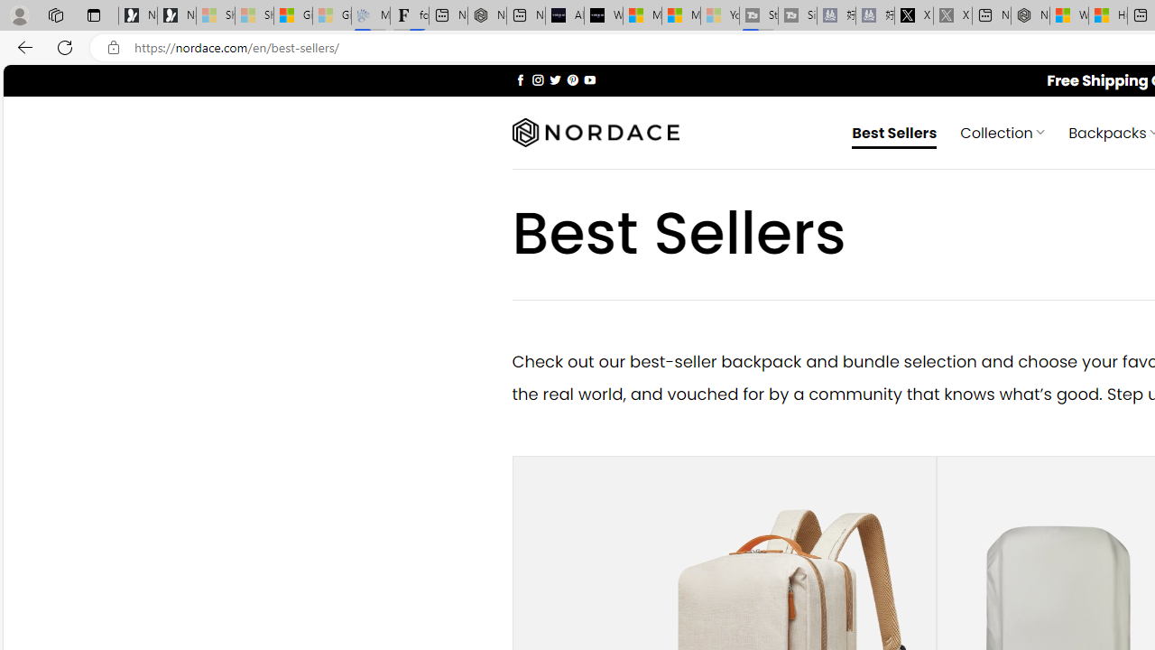 This screenshot has height=650, width=1155. What do you see at coordinates (1107, 15) in the screenshot?
I see `'Huge shark washes ashore at New York City beach | Watch'` at bounding box center [1107, 15].